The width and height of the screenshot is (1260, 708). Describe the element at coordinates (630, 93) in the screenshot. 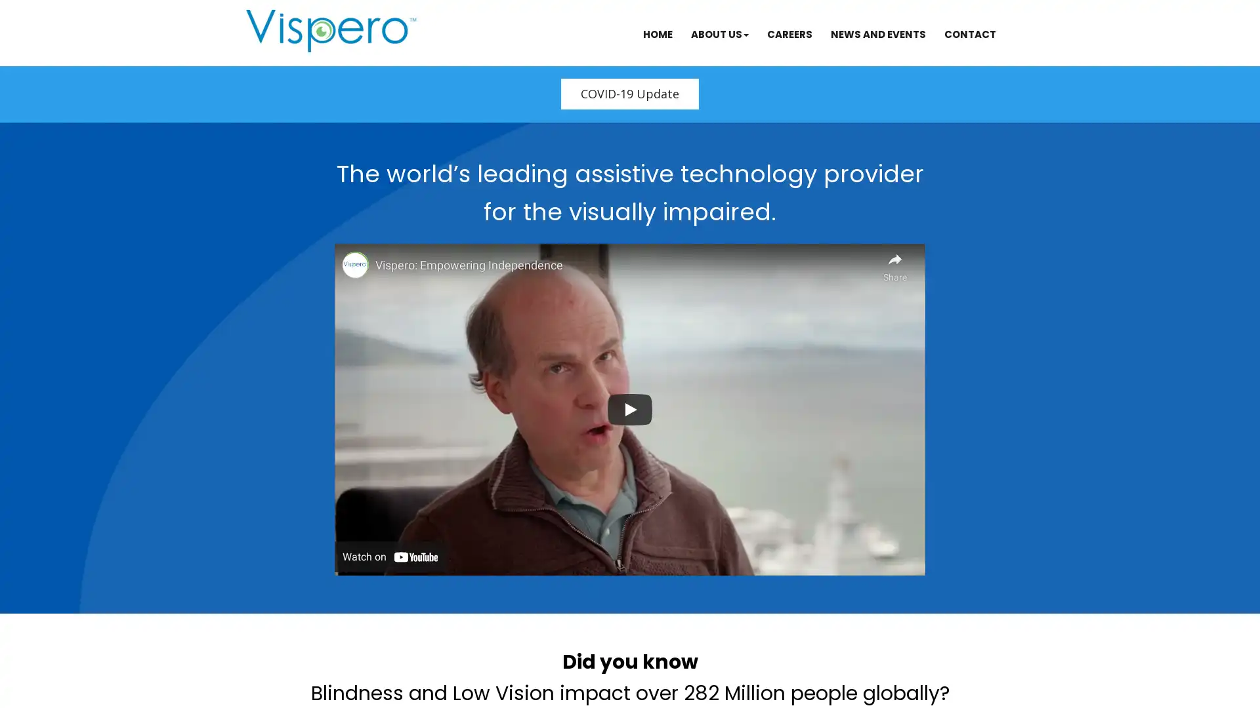

I see `COVID-19 Update` at that location.